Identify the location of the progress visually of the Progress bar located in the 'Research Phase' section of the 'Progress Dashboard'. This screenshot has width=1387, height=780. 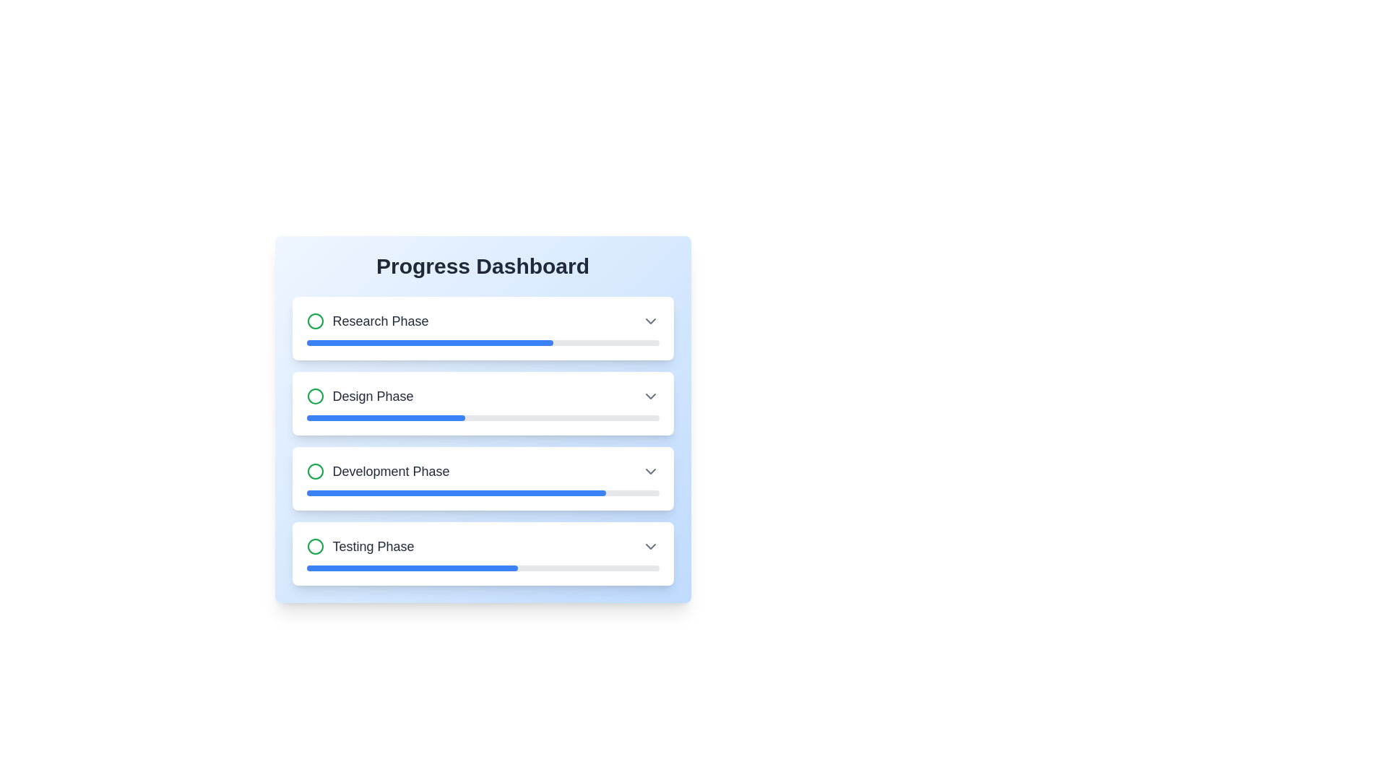
(429, 342).